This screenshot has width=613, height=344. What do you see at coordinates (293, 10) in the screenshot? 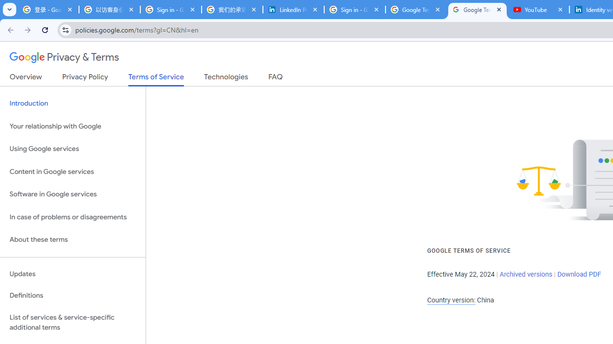
I see `'LinkedIn Privacy Policy'` at bounding box center [293, 10].